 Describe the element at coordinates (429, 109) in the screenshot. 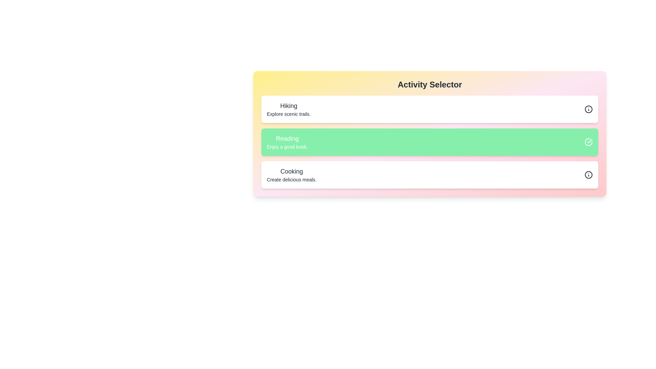

I see `the list item corresponding to Hiking` at that location.